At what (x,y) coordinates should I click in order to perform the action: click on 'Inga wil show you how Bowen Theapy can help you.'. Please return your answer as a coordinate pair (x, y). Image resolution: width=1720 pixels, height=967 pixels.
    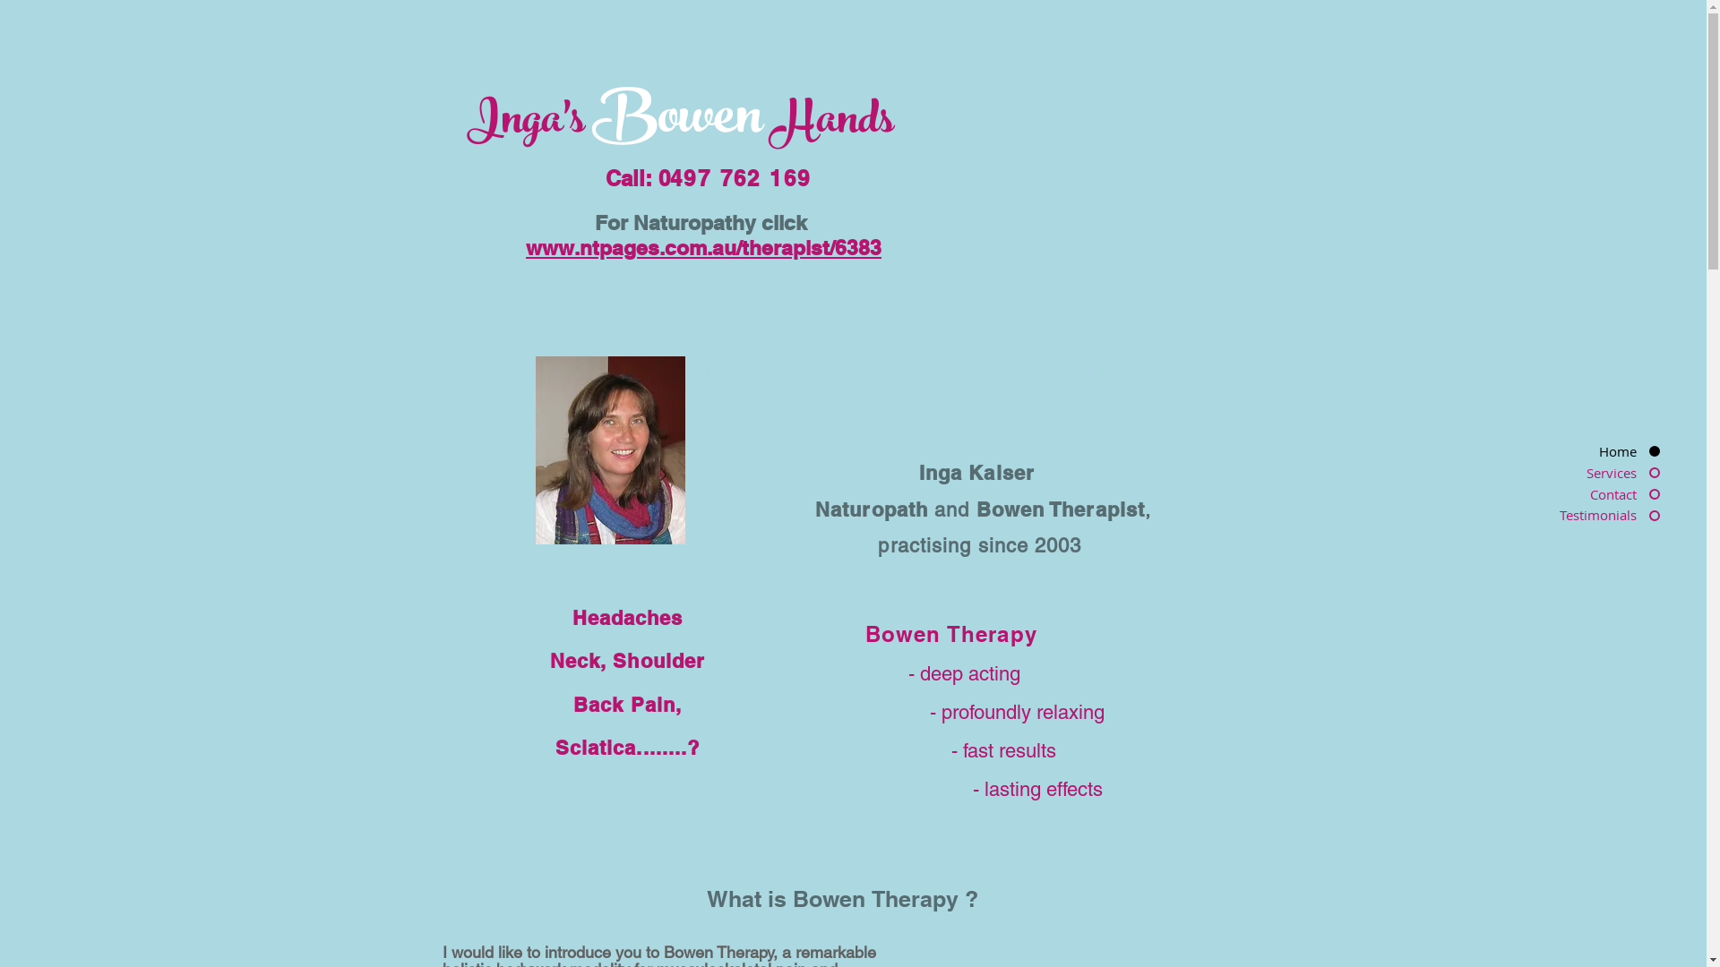
    Looking at the image, I should click on (610, 449).